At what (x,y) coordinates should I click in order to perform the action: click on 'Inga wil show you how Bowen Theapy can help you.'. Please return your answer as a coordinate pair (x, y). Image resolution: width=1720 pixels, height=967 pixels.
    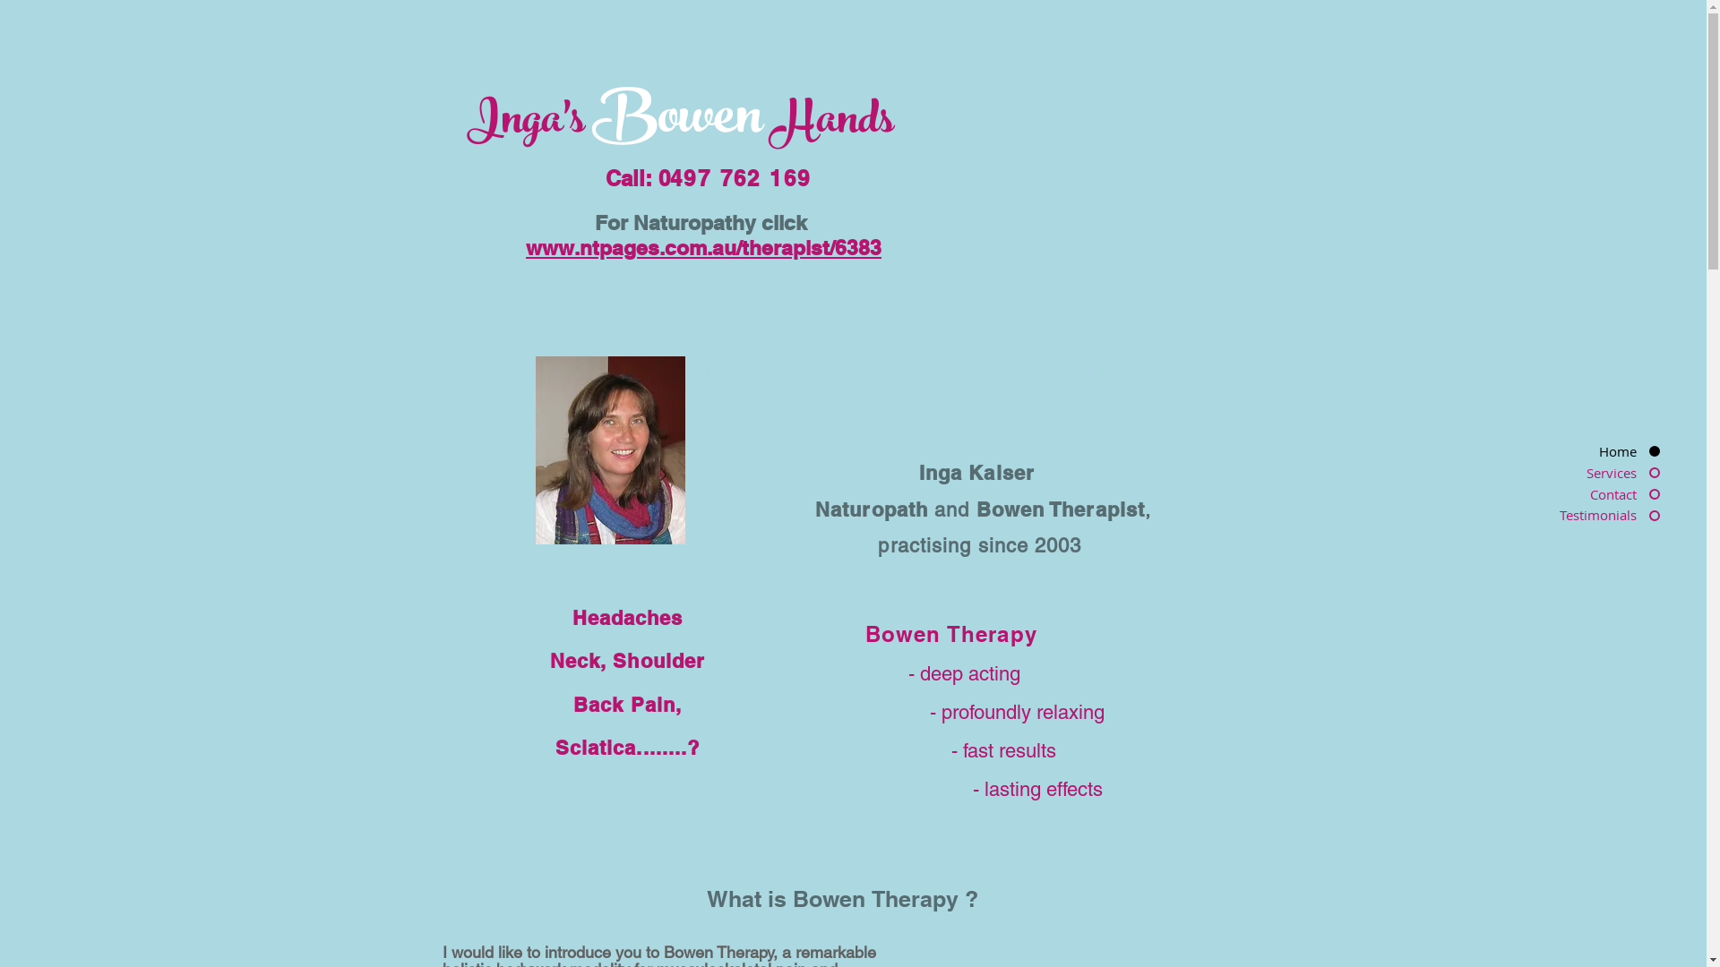
    Looking at the image, I should click on (610, 449).